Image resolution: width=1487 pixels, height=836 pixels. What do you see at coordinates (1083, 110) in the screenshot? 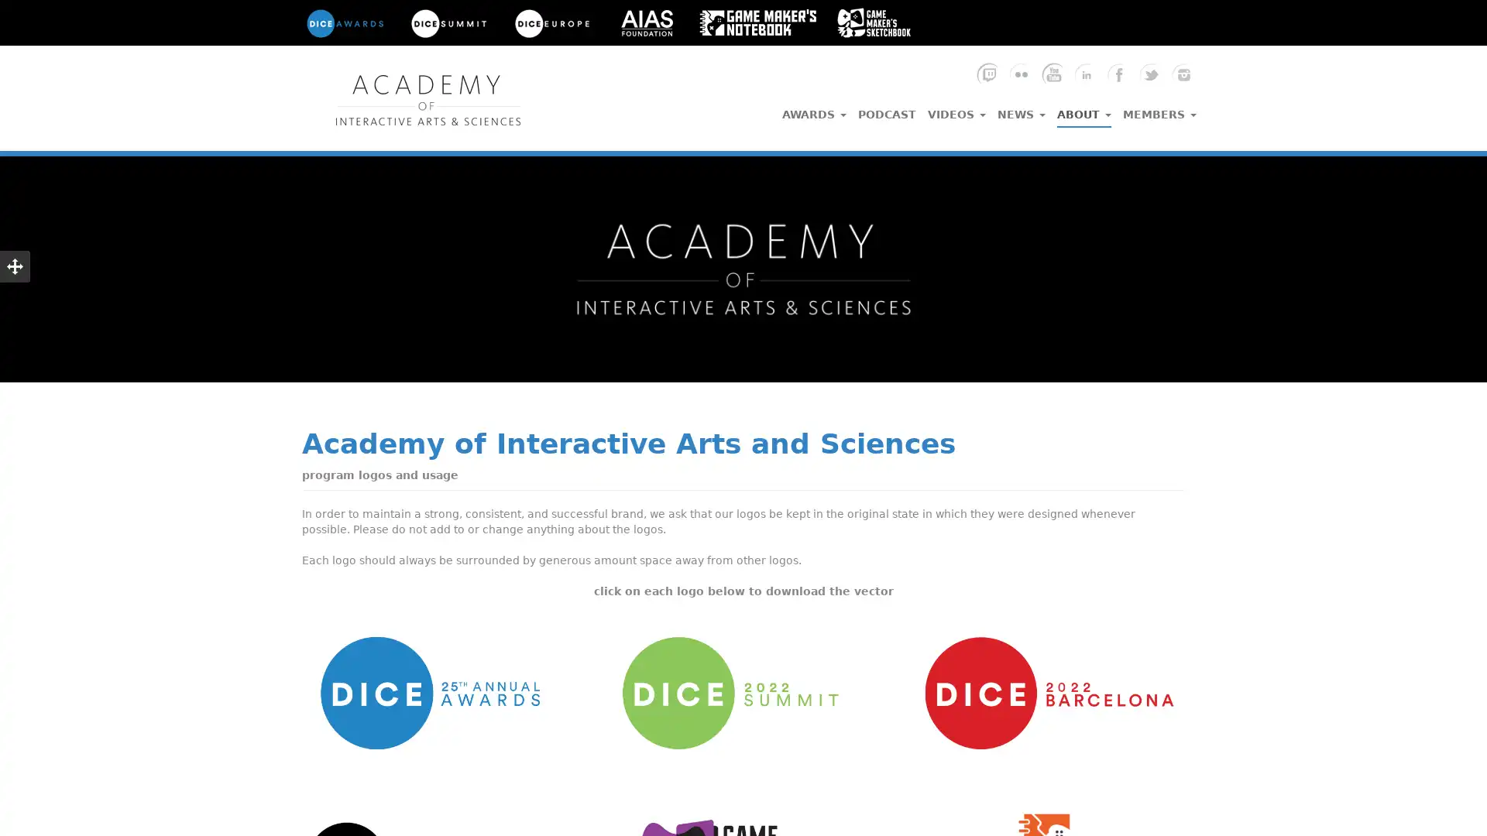
I see `ABOUT` at bounding box center [1083, 110].